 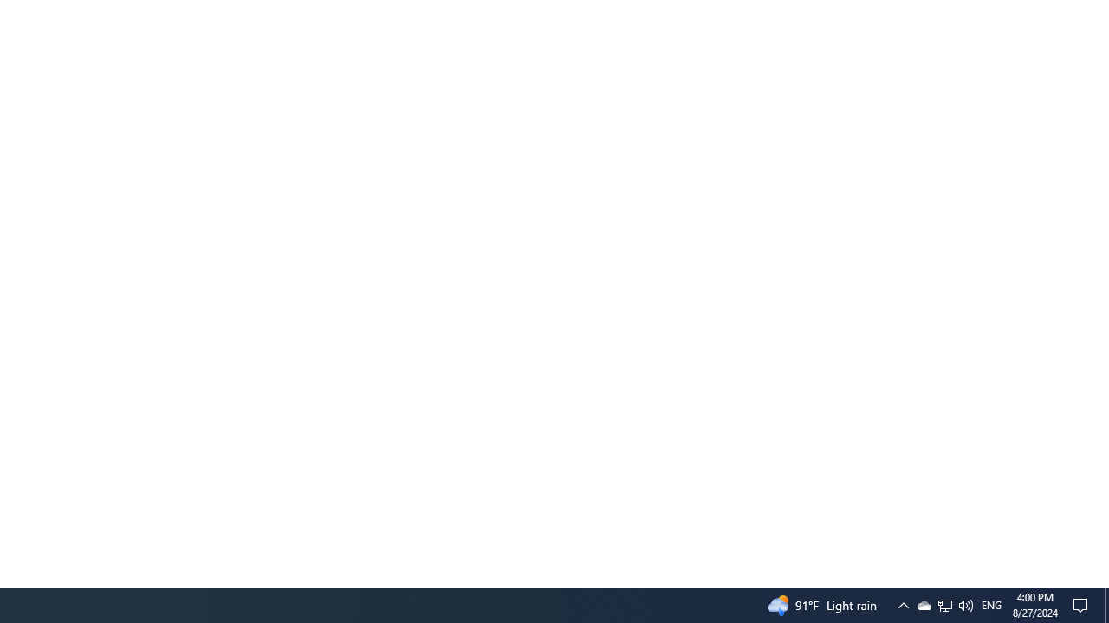 I want to click on 'Tray Input Indicator - English (United States)', so click(x=944, y=604).